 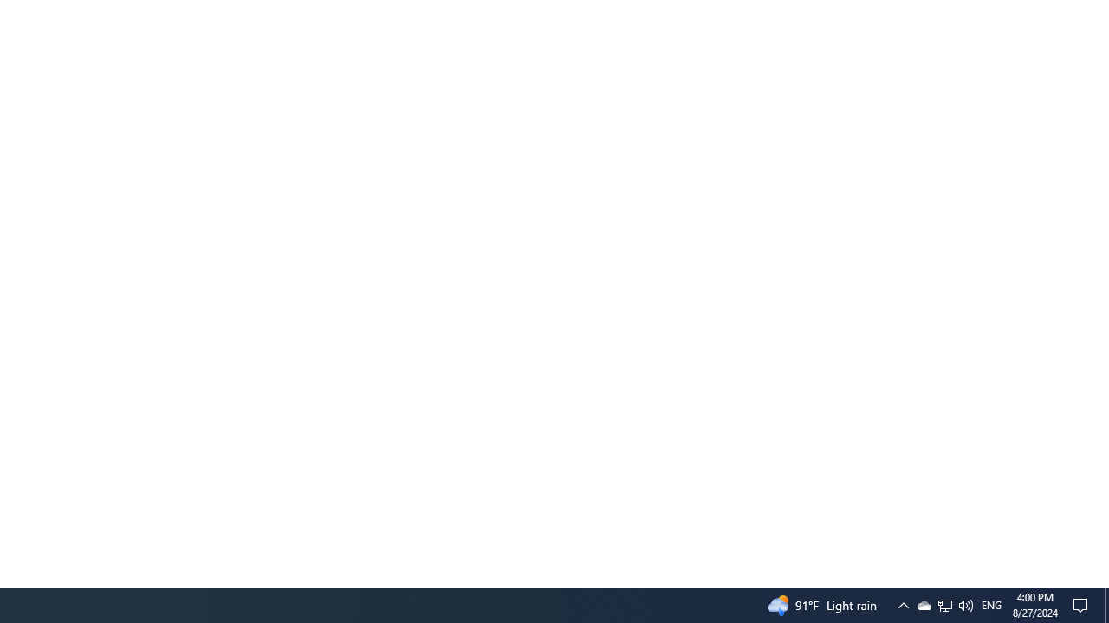 I want to click on 'Tray Input Indicator - English (United States)', so click(x=944, y=604).